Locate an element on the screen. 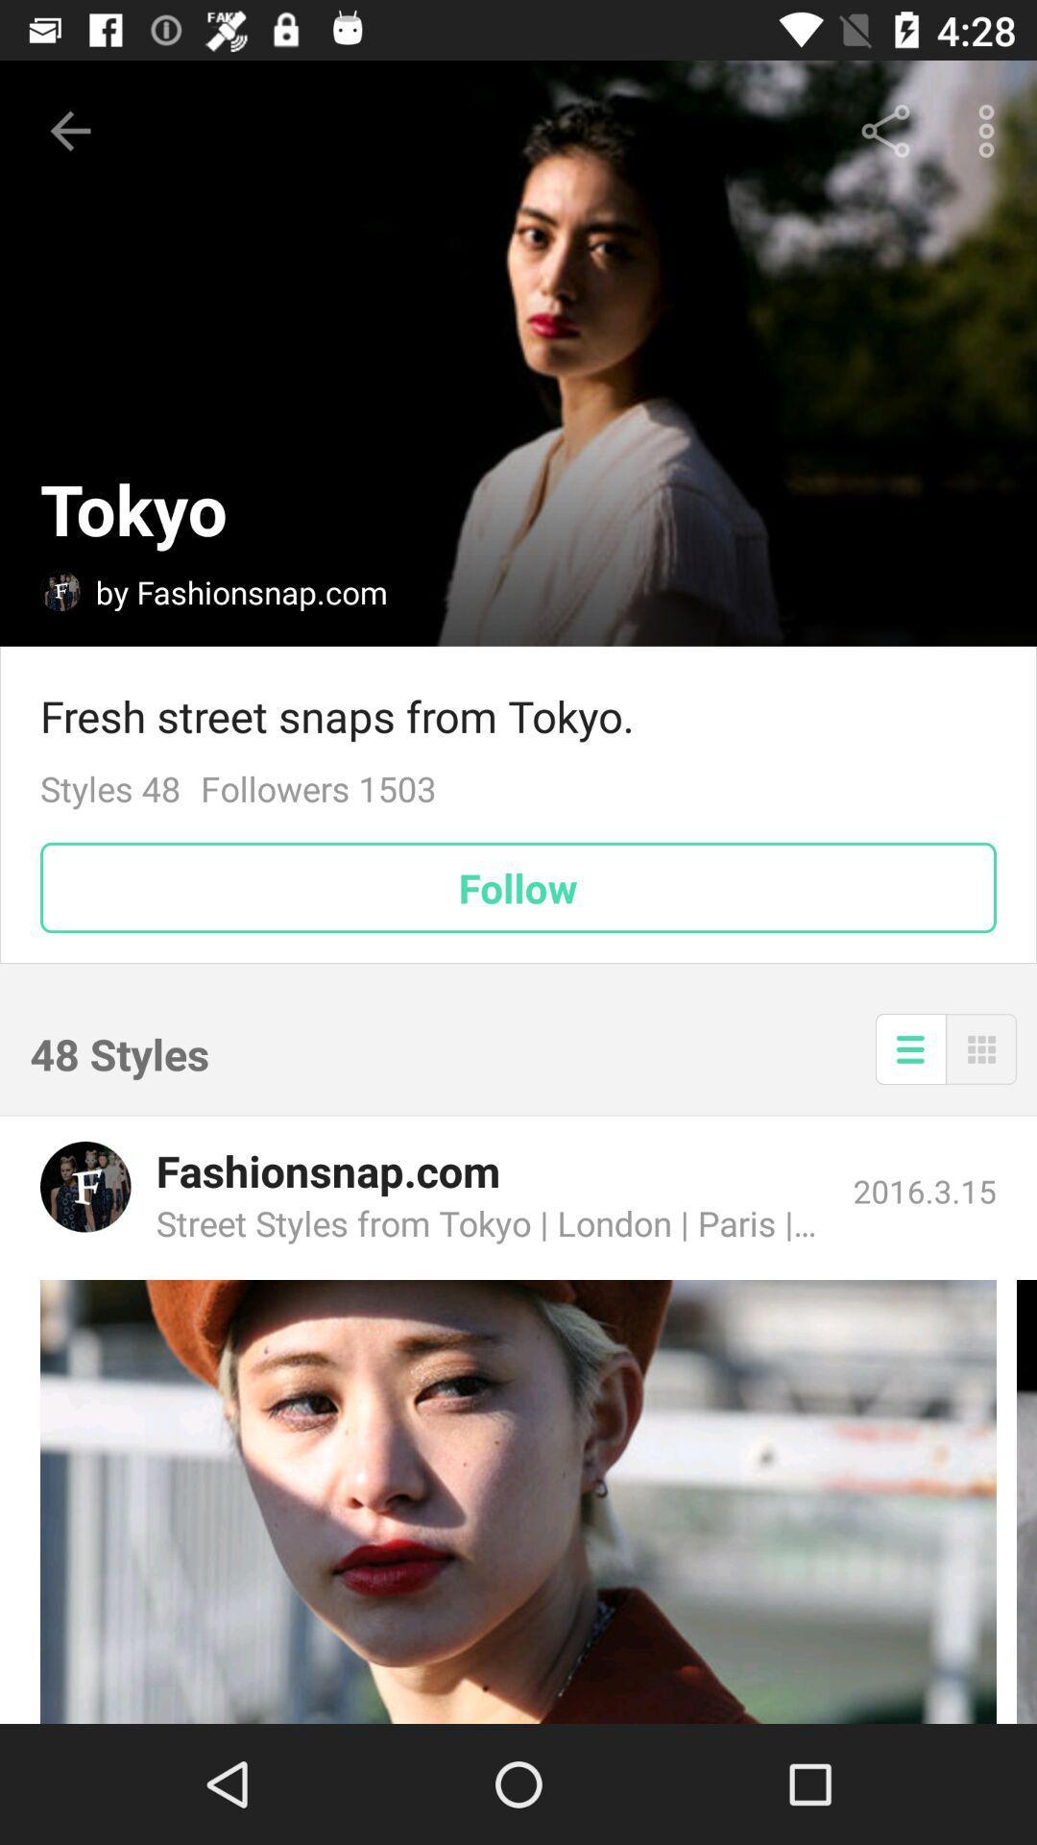 The height and width of the screenshot is (1845, 1037). change grid is located at coordinates (981, 1047).